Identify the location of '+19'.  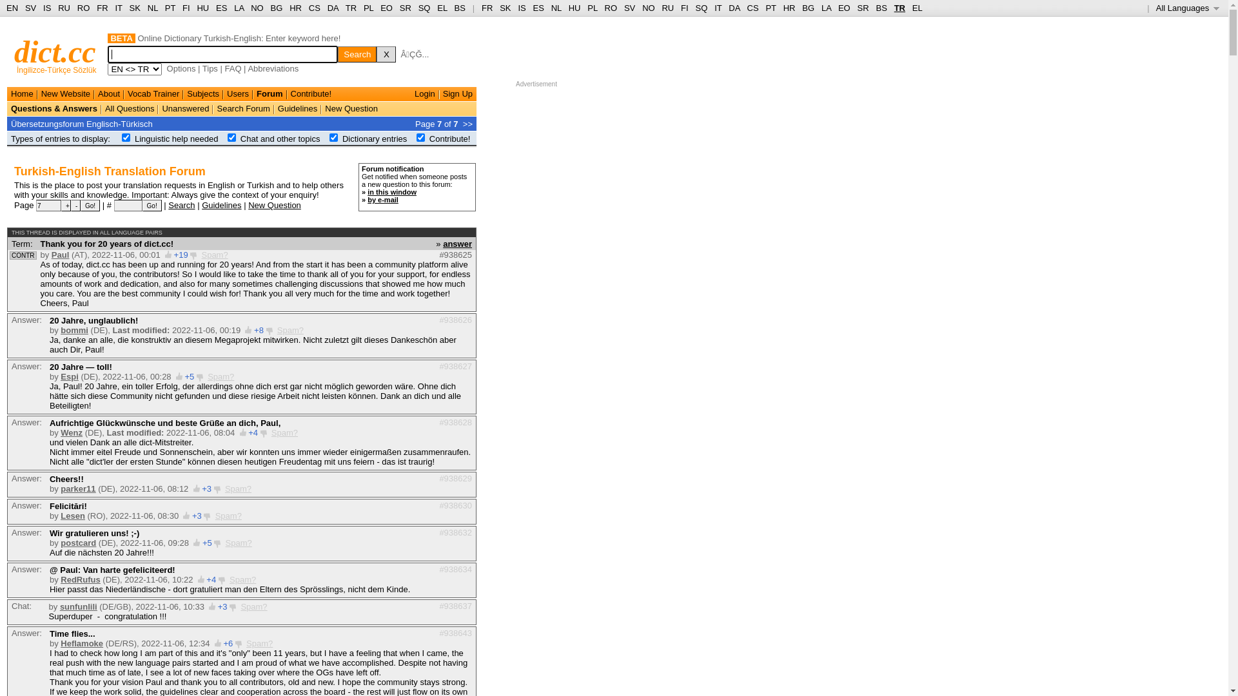
(173, 255).